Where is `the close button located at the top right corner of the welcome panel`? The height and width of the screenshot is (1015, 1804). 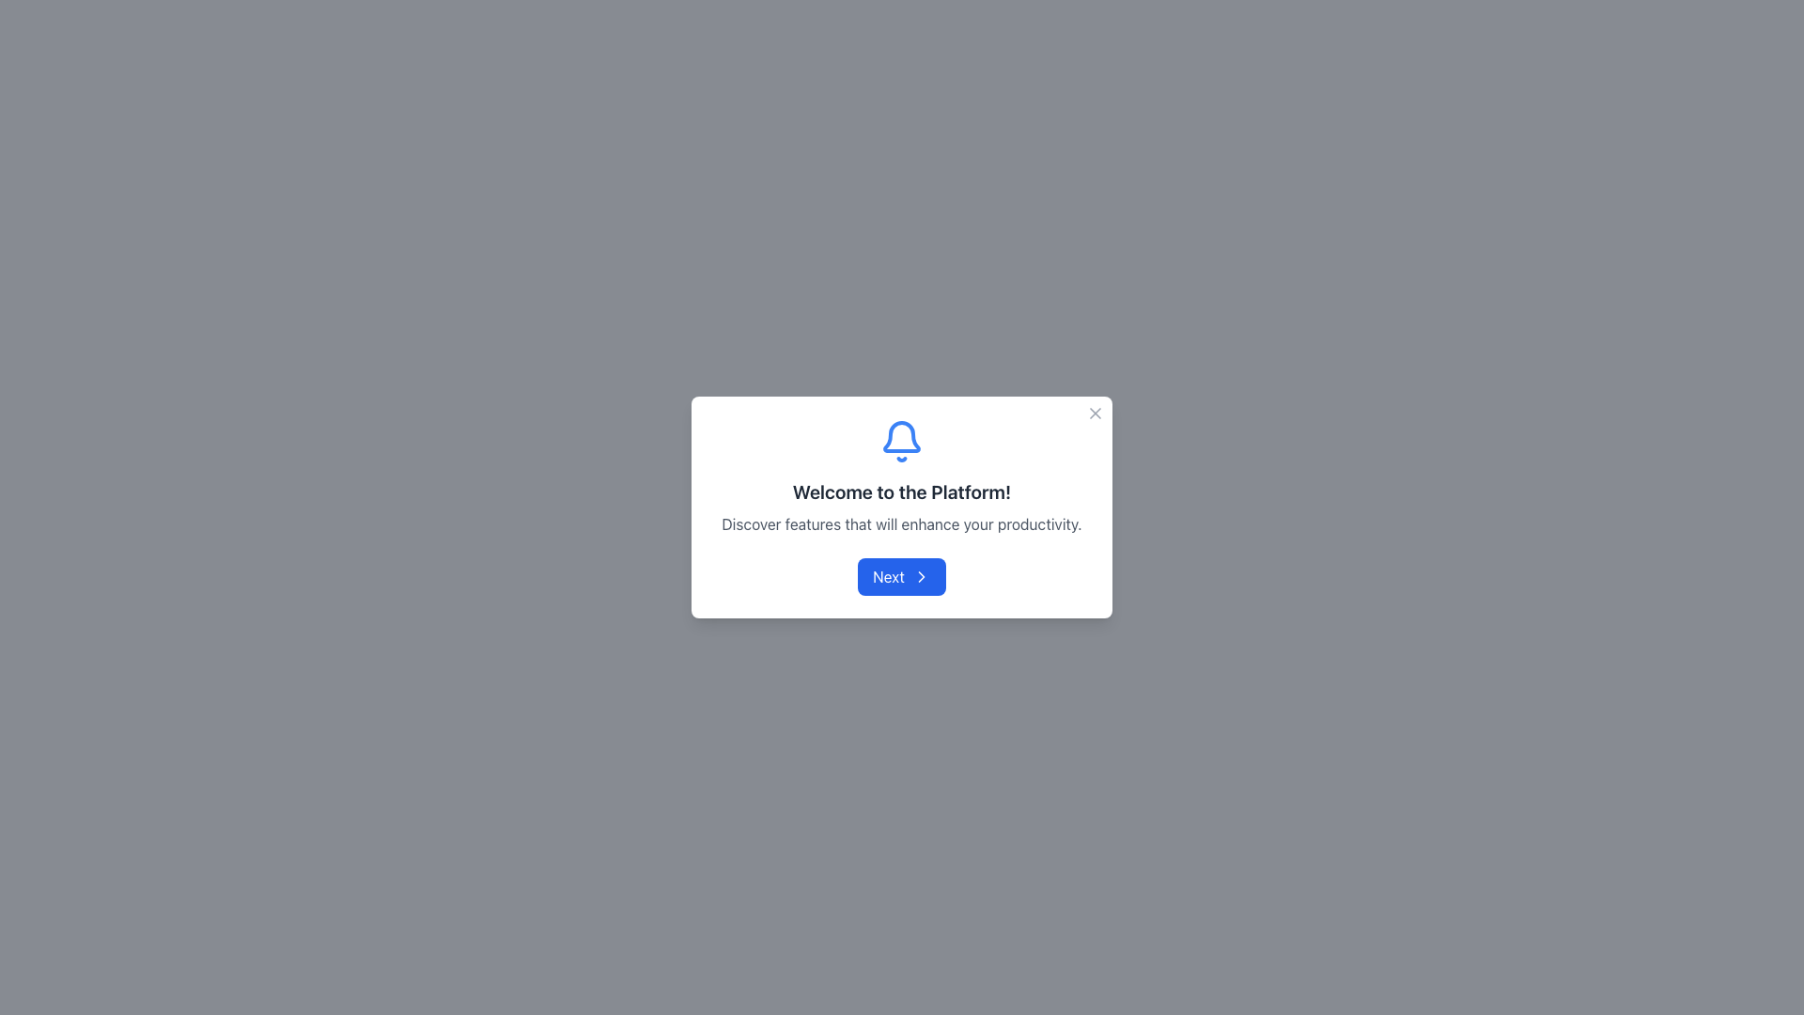 the close button located at the top right corner of the welcome panel is located at coordinates (1096, 412).